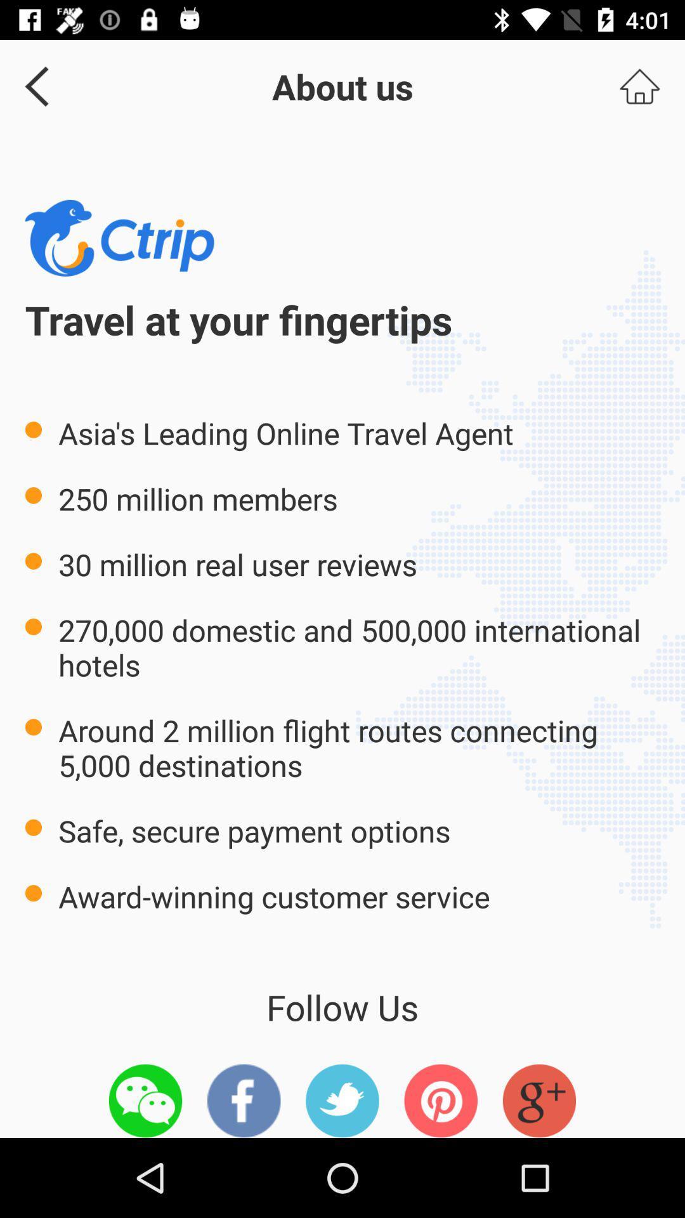 The image size is (685, 1218). I want to click on the arrow_backward icon, so click(32, 86).